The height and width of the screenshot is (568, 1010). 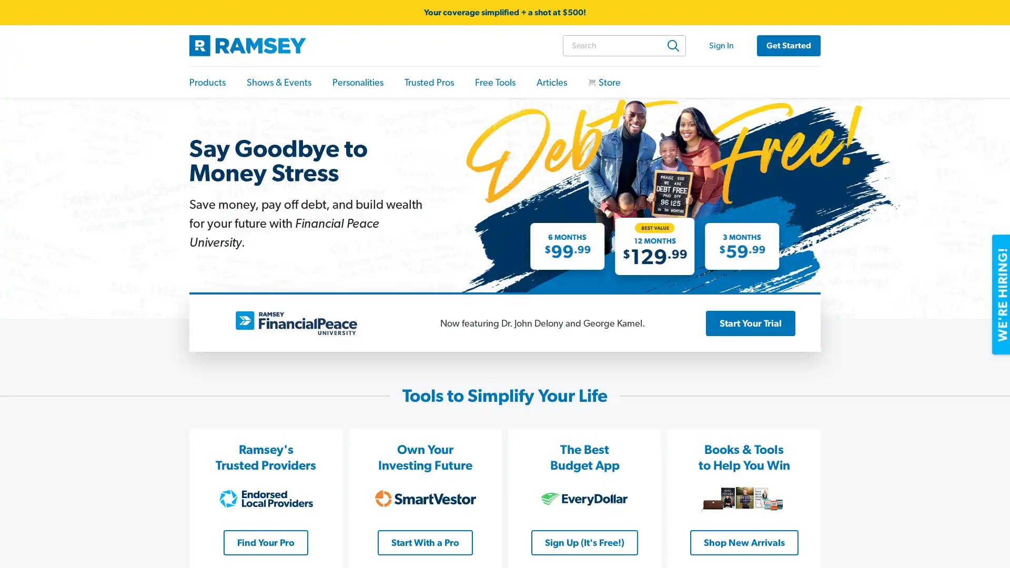 I want to click on Sign Up (It's Free!), so click(x=584, y=542).